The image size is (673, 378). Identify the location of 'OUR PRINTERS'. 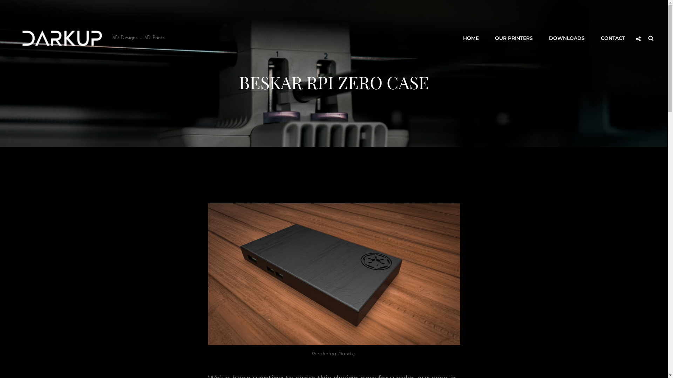
(514, 38).